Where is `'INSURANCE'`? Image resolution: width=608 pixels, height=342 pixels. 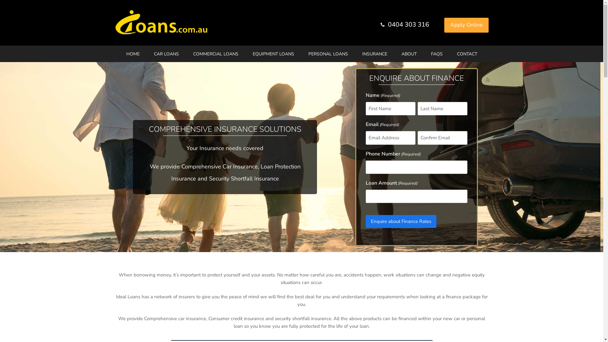 'INSURANCE' is located at coordinates (356, 53).